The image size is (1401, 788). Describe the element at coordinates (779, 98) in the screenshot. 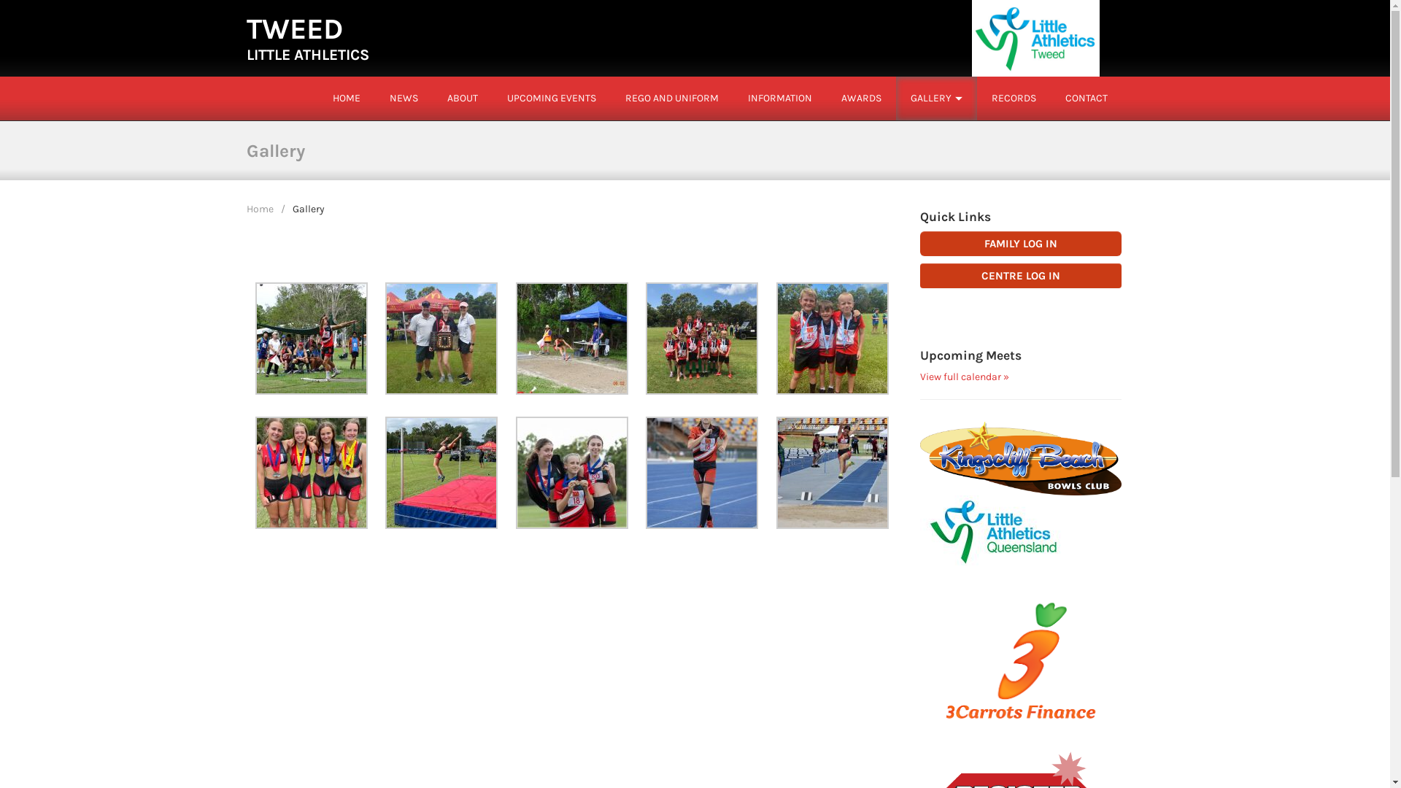

I see `'INFORMATION'` at that location.